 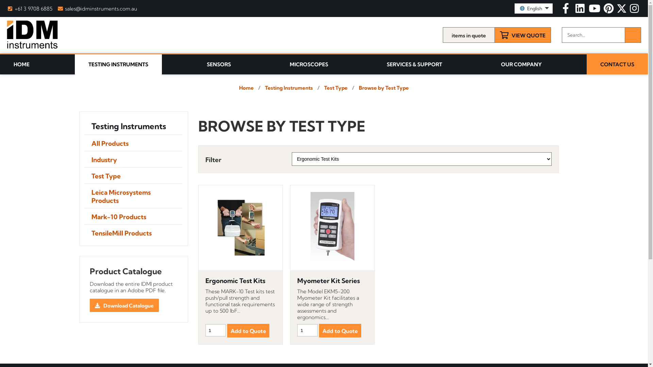 I want to click on 'HOME', so click(x=0, y=64).